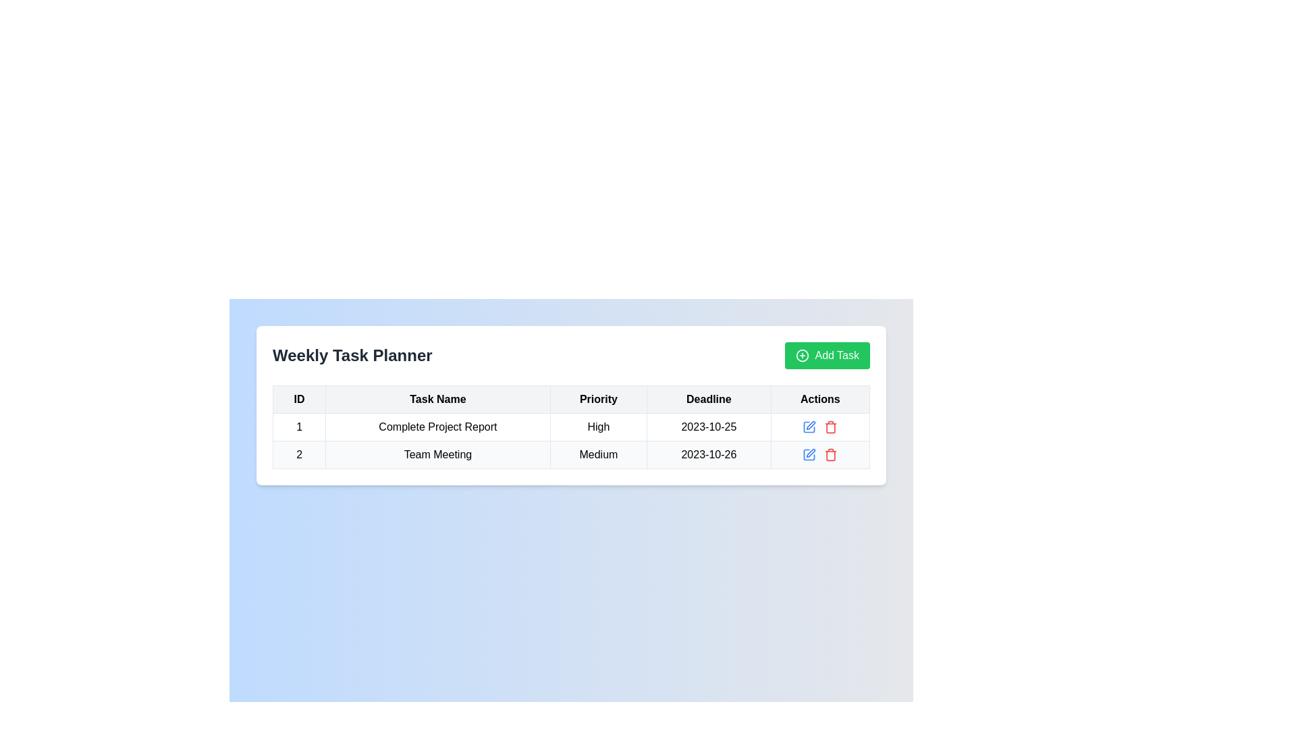  I want to click on the text cell containing the word 'Medium' in the 'Priority' column of the 'Team Meeting' row in the table, so click(597, 455).